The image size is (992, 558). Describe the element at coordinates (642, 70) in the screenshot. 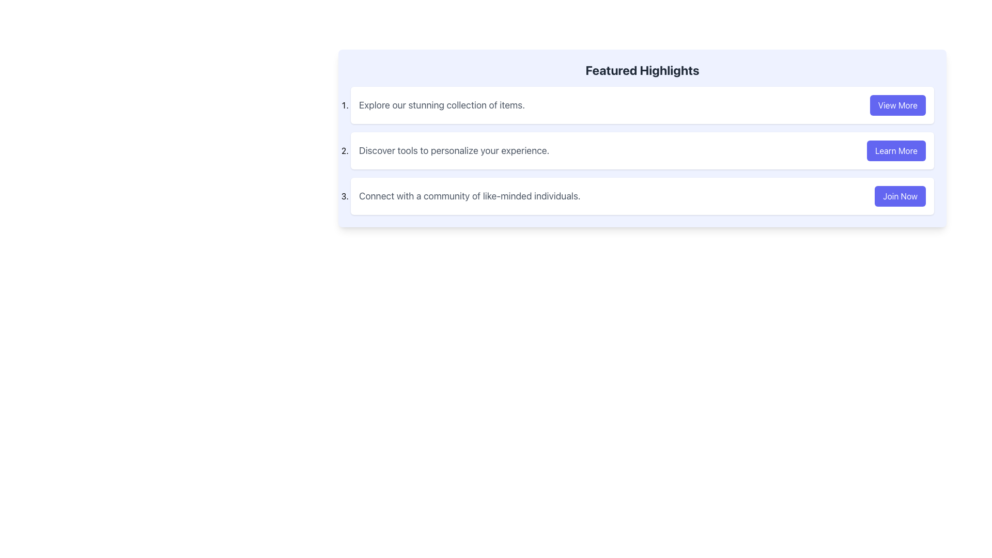

I see `the bold heading labeled 'Featured Highlights' which is prominently displayed at the top-center of the card layout` at that location.